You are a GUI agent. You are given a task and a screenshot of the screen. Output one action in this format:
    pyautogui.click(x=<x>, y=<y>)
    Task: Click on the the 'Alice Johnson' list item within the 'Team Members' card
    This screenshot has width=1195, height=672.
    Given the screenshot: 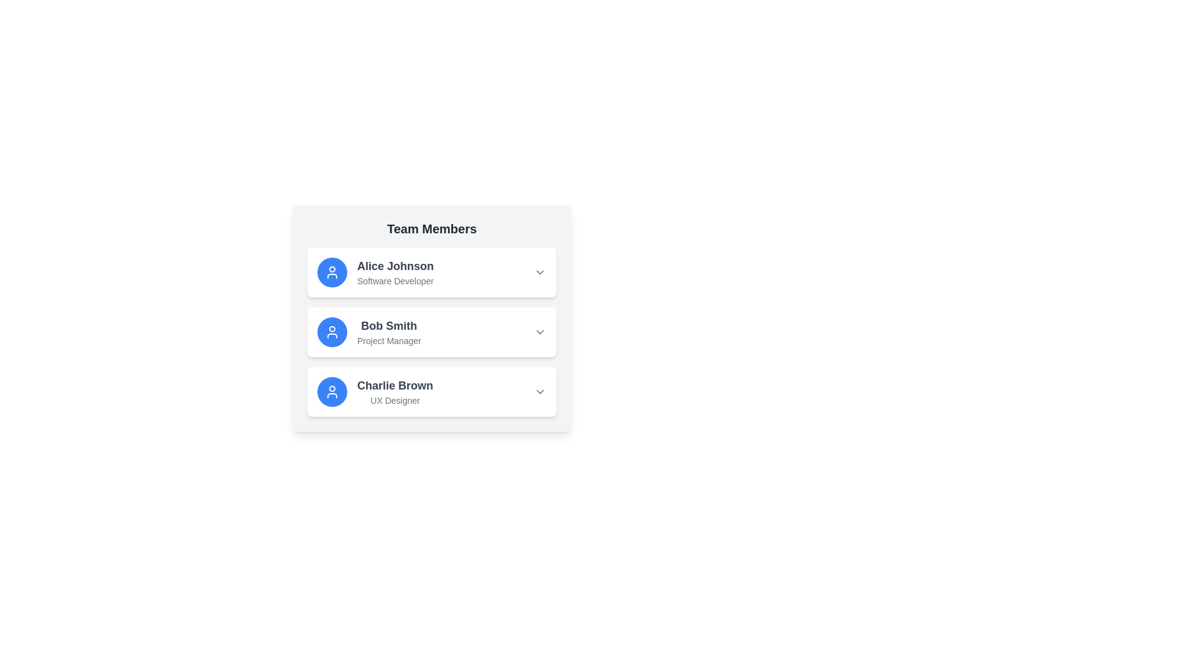 What is the action you would take?
    pyautogui.click(x=432, y=272)
    